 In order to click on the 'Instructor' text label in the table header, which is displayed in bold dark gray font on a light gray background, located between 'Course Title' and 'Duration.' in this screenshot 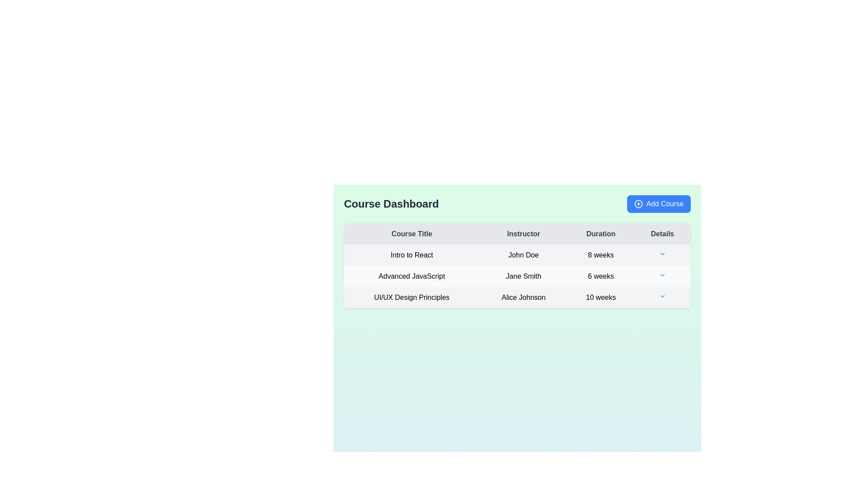, I will do `click(523, 233)`.